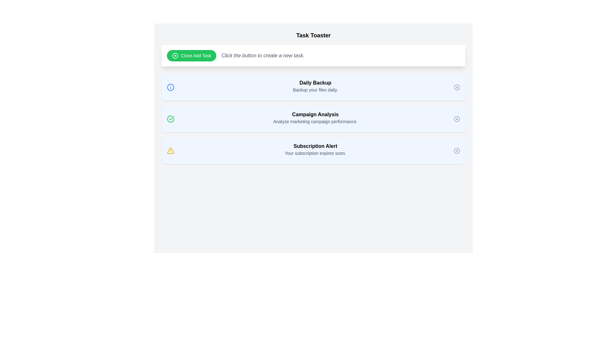 The image size is (608, 342). What do you see at coordinates (315, 87) in the screenshot?
I see `the Informational text block displaying 'Daily Backup' to interact with possible tooltip or further information` at bounding box center [315, 87].